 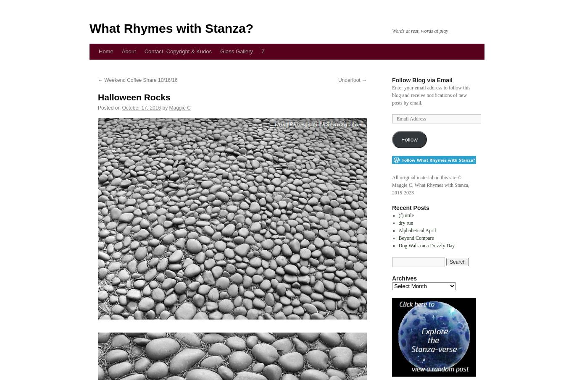 What do you see at coordinates (416, 238) in the screenshot?
I see `'Beyond Compare'` at bounding box center [416, 238].